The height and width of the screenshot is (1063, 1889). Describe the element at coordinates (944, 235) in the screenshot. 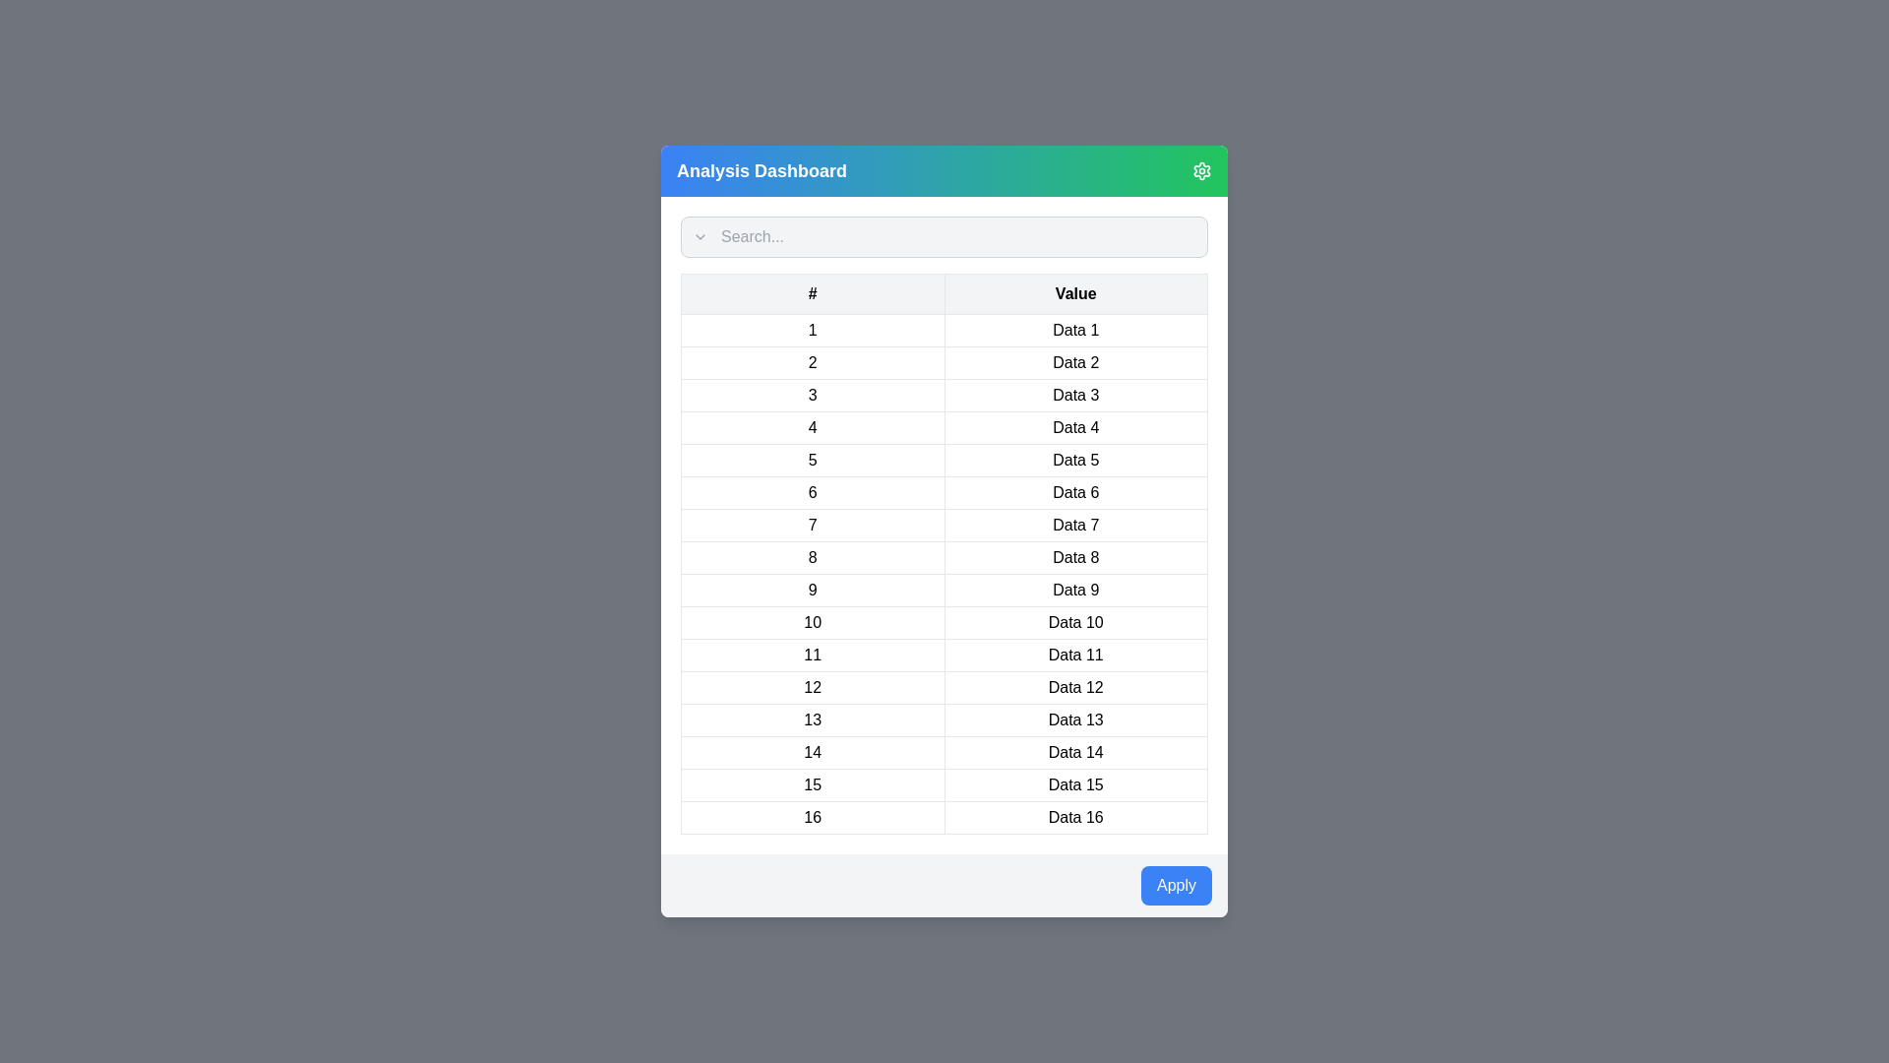

I see `the input field to focus it for typing` at that location.